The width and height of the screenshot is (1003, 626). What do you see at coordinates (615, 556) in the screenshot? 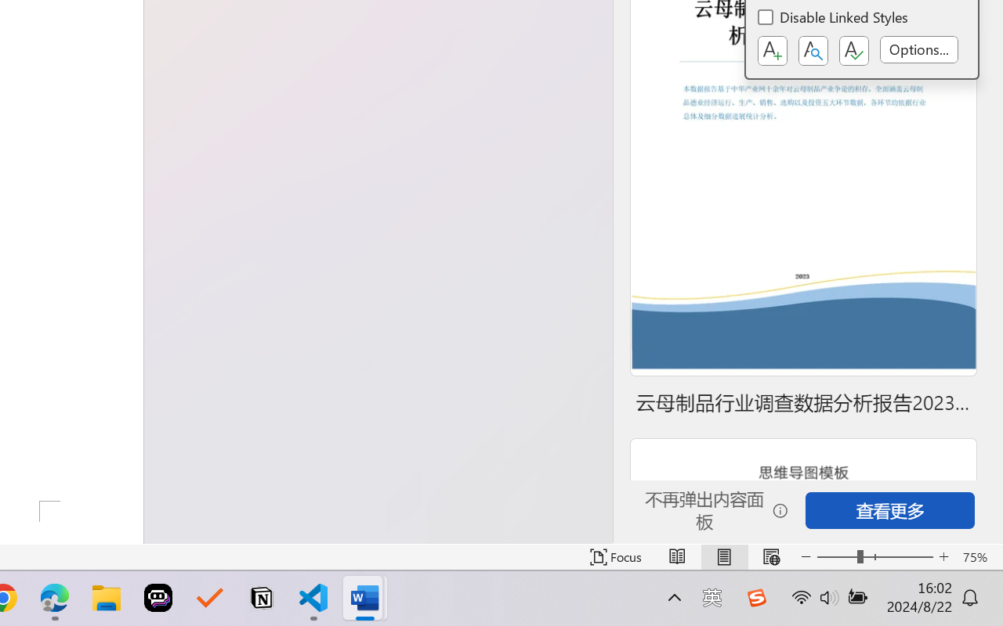
I see `'Focus '` at bounding box center [615, 556].